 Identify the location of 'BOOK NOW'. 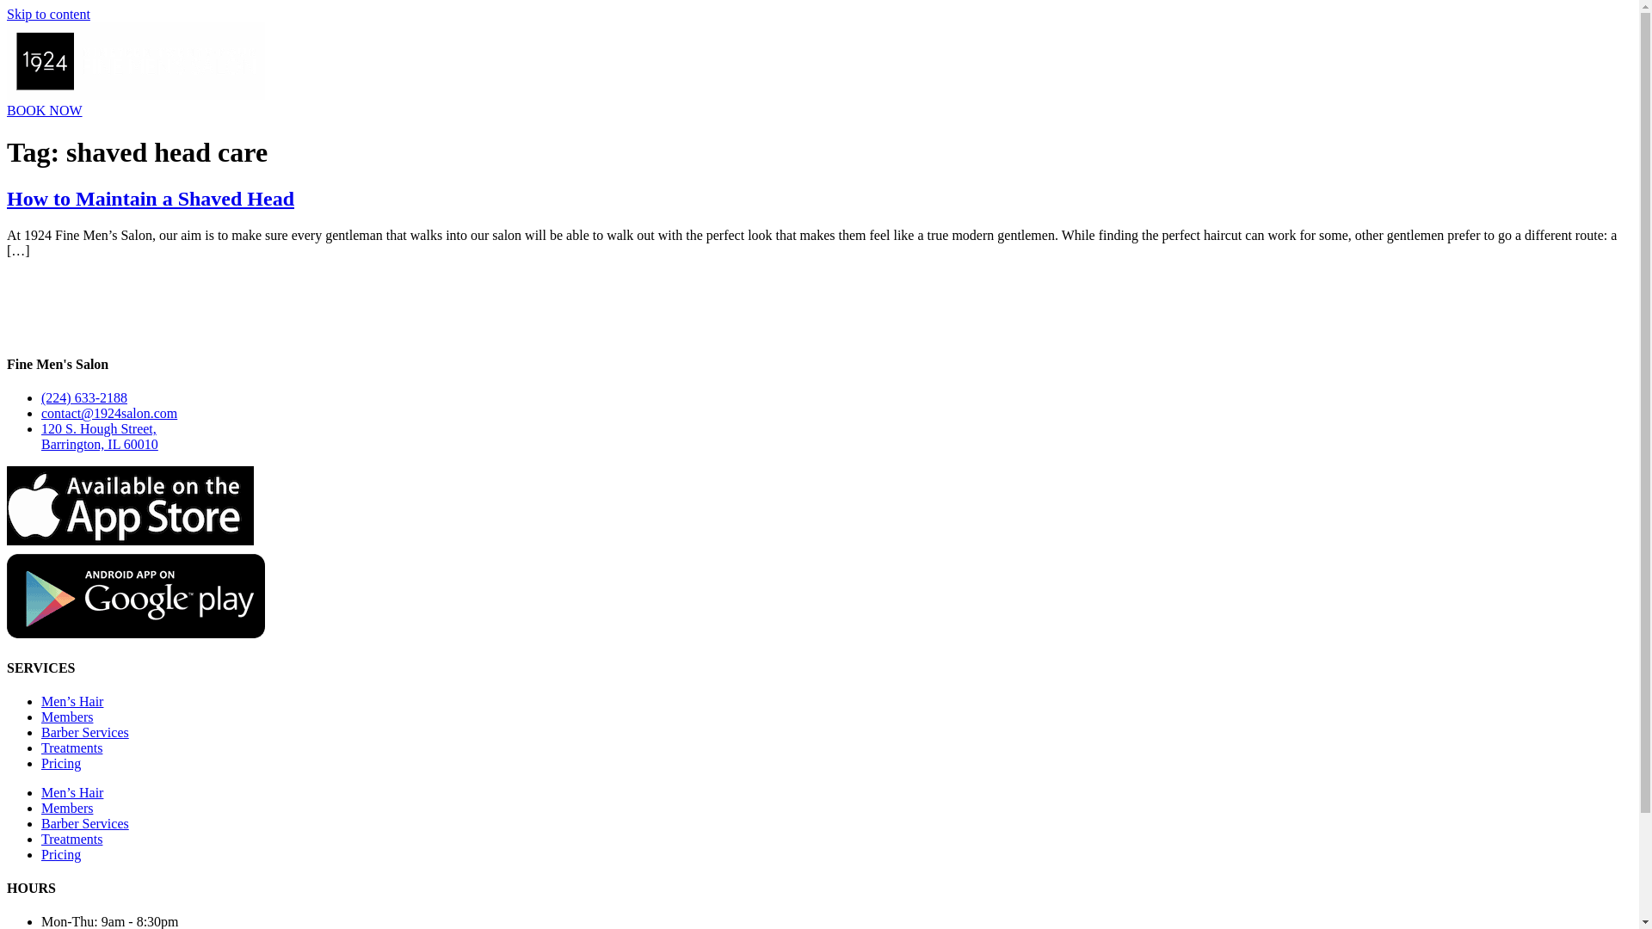
(45, 110).